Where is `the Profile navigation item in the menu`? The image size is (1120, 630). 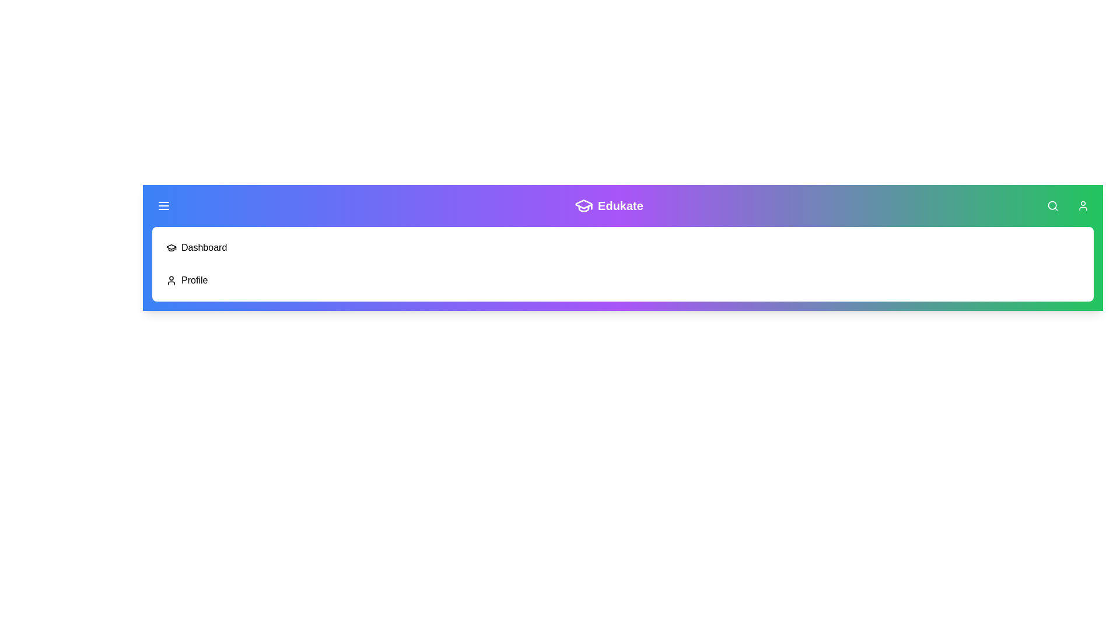
the Profile navigation item in the menu is located at coordinates (194, 281).